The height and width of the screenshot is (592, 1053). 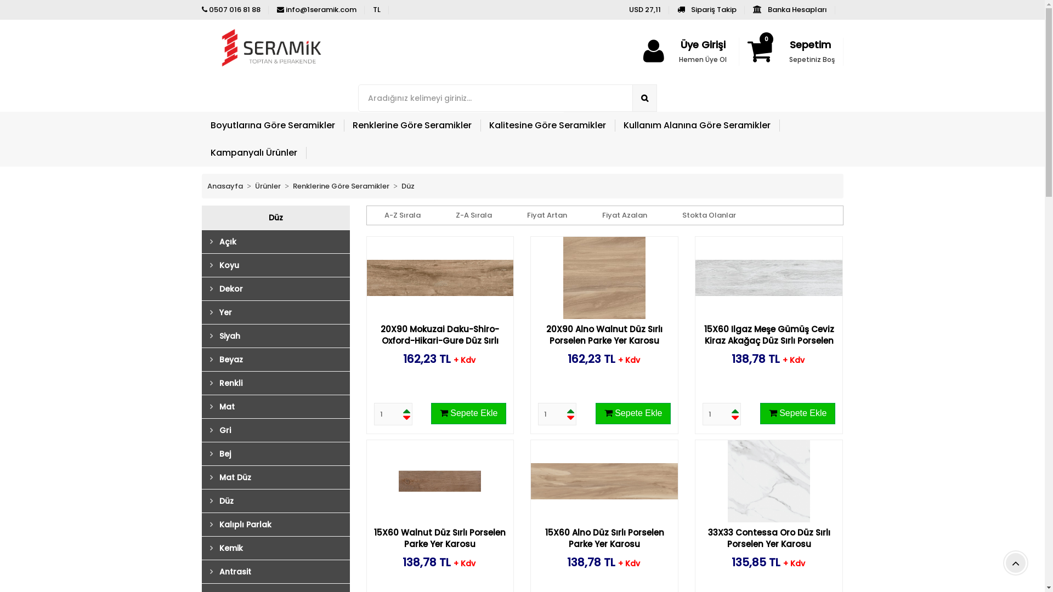 What do you see at coordinates (315, 9) in the screenshot?
I see `'info@1seramik.com'` at bounding box center [315, 9].